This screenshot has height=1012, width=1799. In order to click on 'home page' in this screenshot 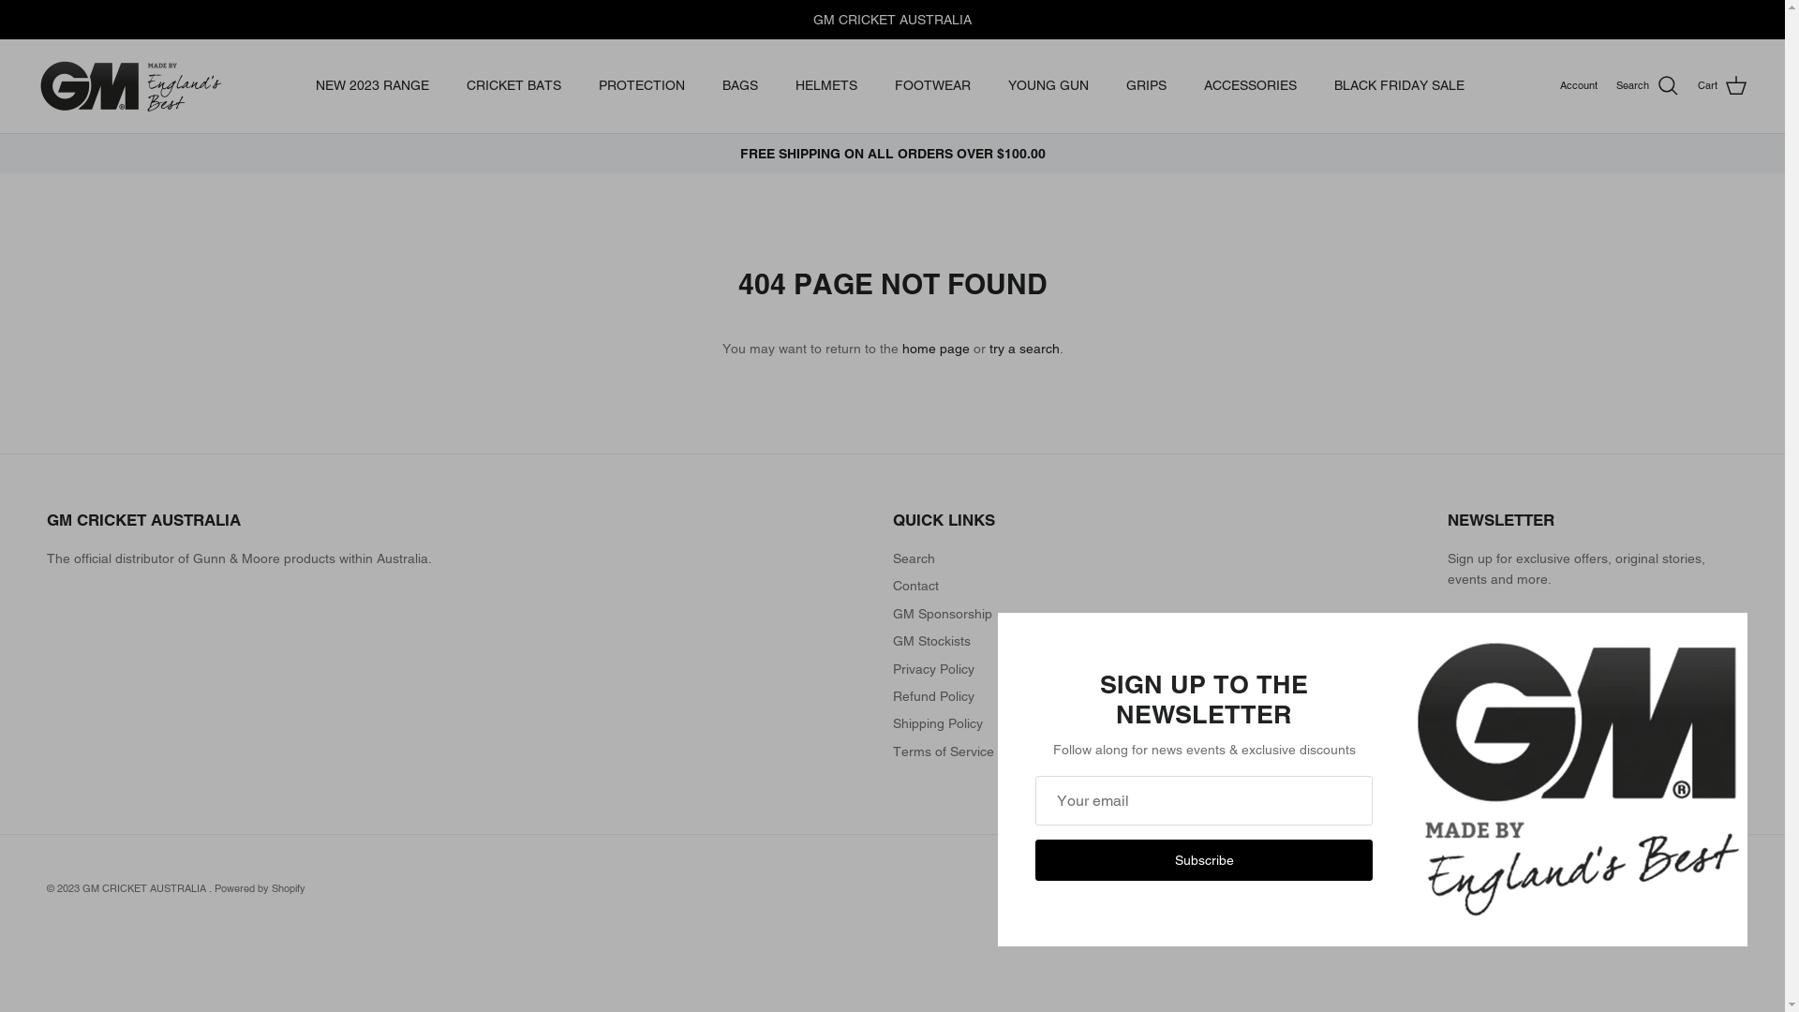, I will do `click(900, 348)`.